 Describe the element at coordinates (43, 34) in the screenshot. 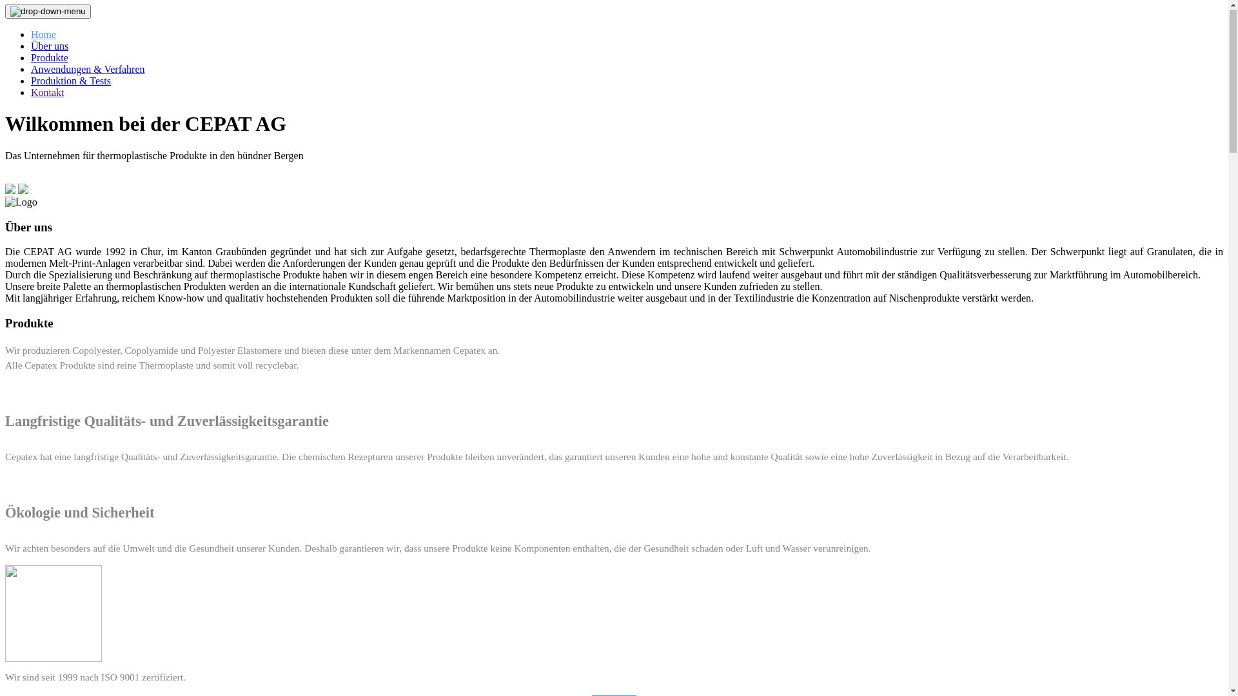

I see `'Home'` at that location.